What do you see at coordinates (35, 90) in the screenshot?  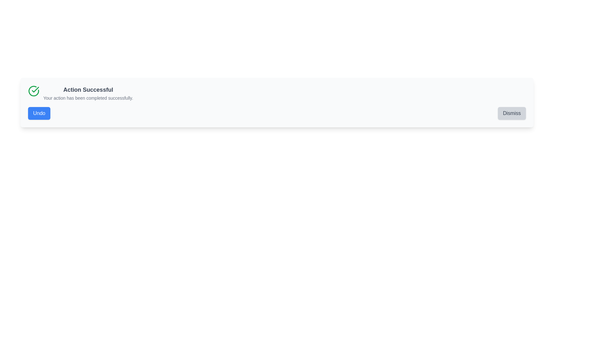 I see `the green checkmark icon that indicates a successful action, providing visual feedback for the operation's completion` at bounding box center [35, 90].